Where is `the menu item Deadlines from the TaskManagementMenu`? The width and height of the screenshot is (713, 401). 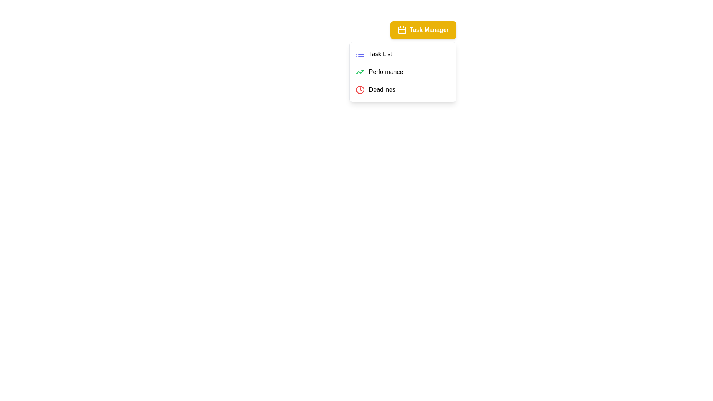
the menu item Deadlines from the TaskManagementMenu is located at coordinates (402, 89).